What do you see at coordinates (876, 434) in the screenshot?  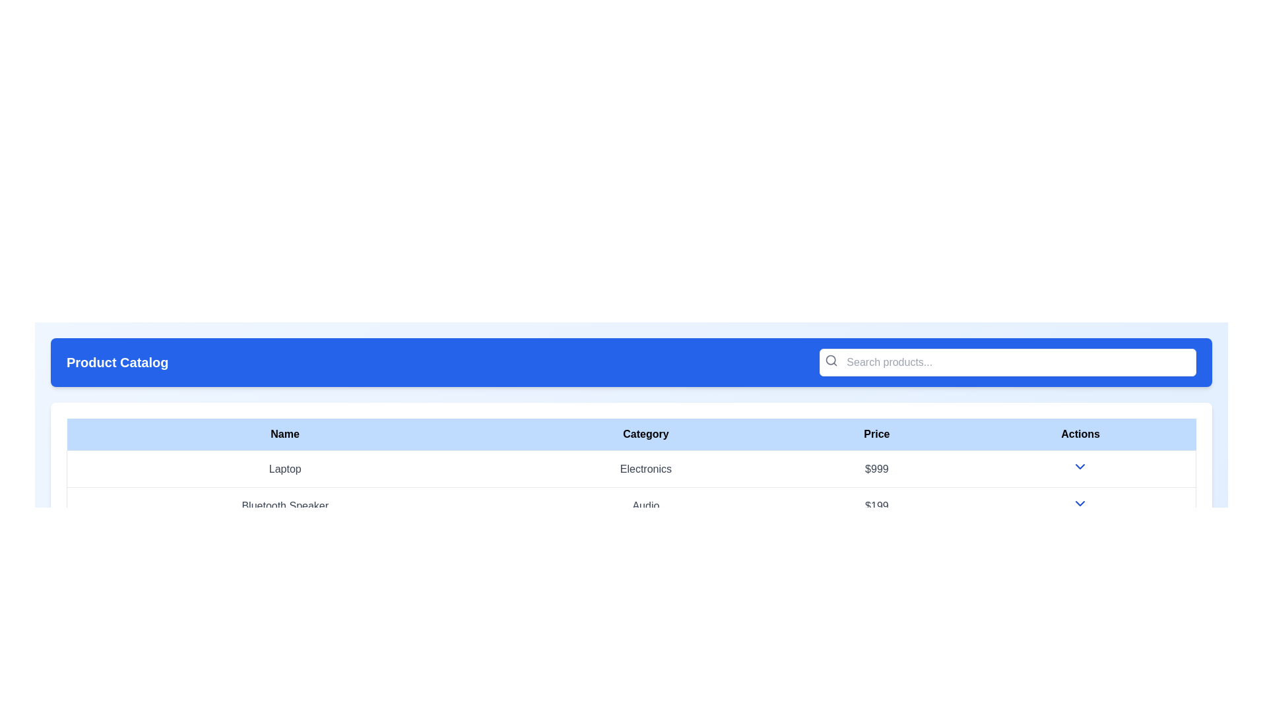 I see `the static text label with the bold text 'Price' that is positioned between 'Category' and 'Actions'` at bounding box center [876, 434].